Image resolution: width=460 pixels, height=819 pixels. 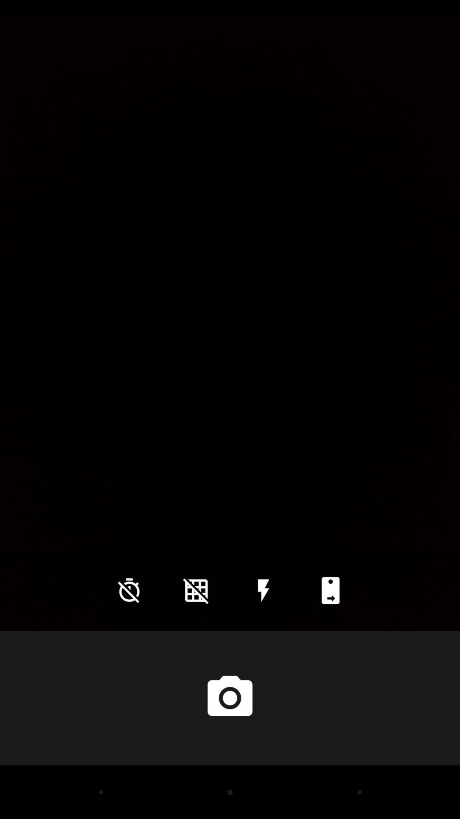 I want to click on the time icon, so click(x=129, y=590).